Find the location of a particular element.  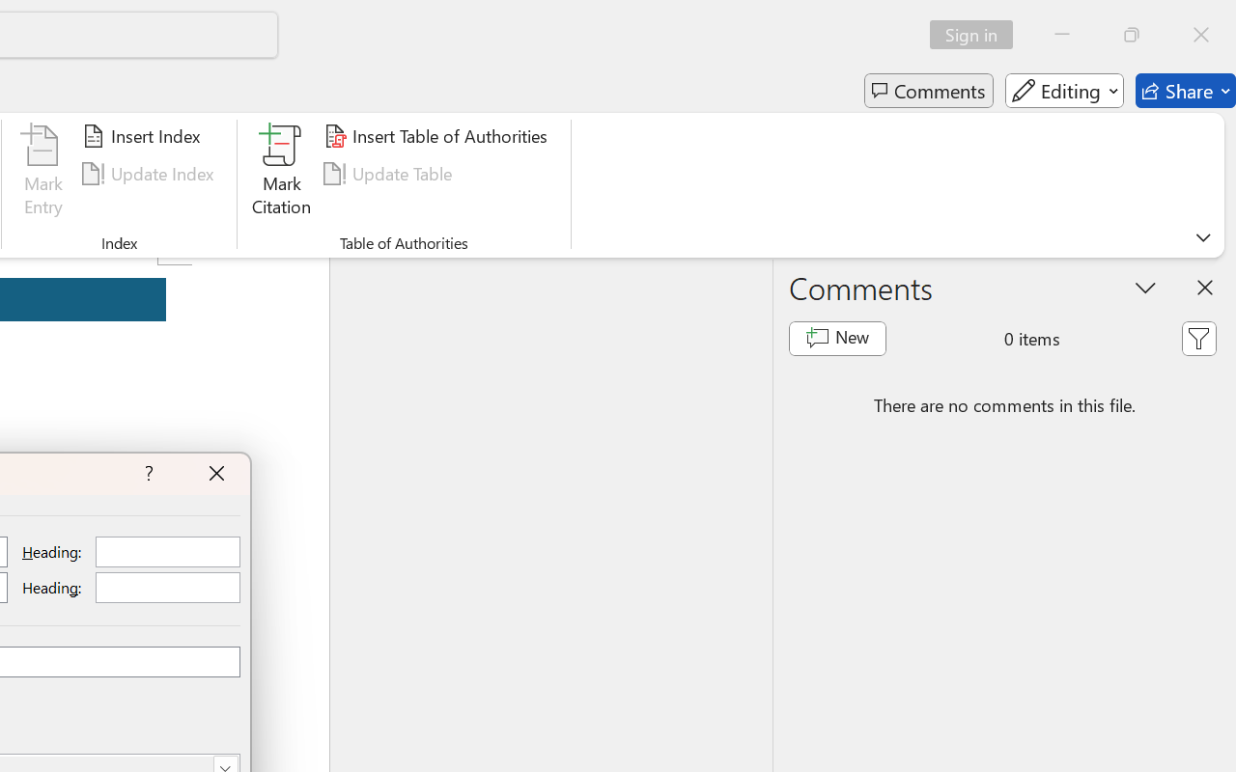

'Editing' is located at coordinates (1063, 91).